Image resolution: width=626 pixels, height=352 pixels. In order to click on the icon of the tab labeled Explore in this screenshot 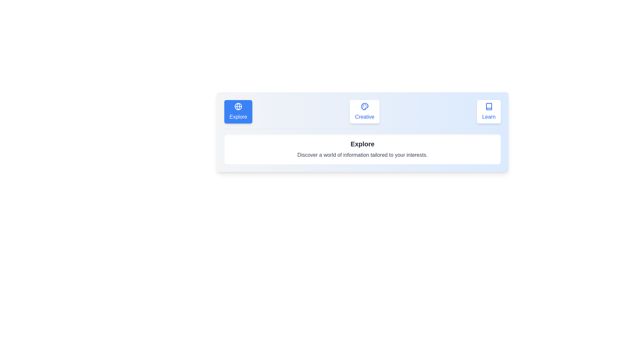, I will do `click(238, 111)`.